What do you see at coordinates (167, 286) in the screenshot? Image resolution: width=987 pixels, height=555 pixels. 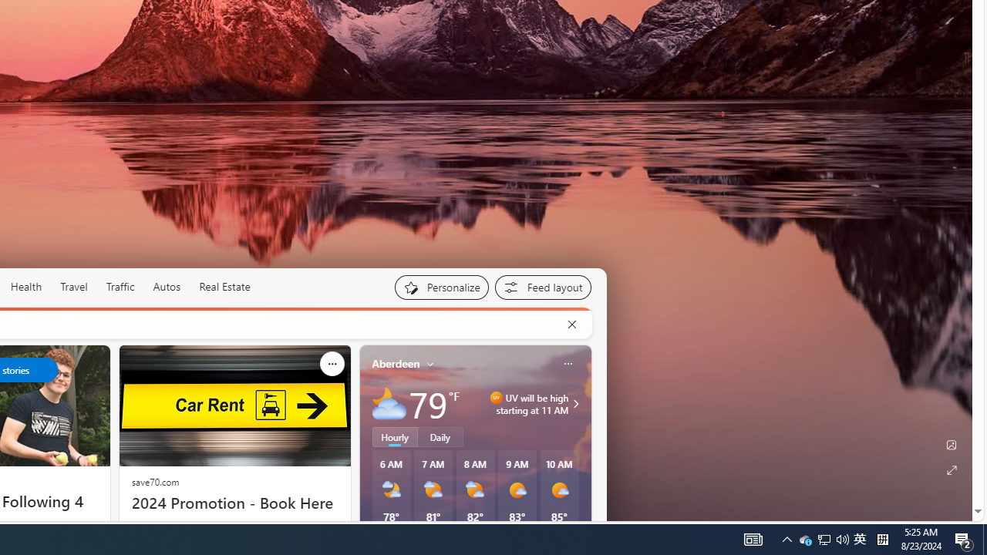 I see `'Autos'` at bounding box center [167, 286].